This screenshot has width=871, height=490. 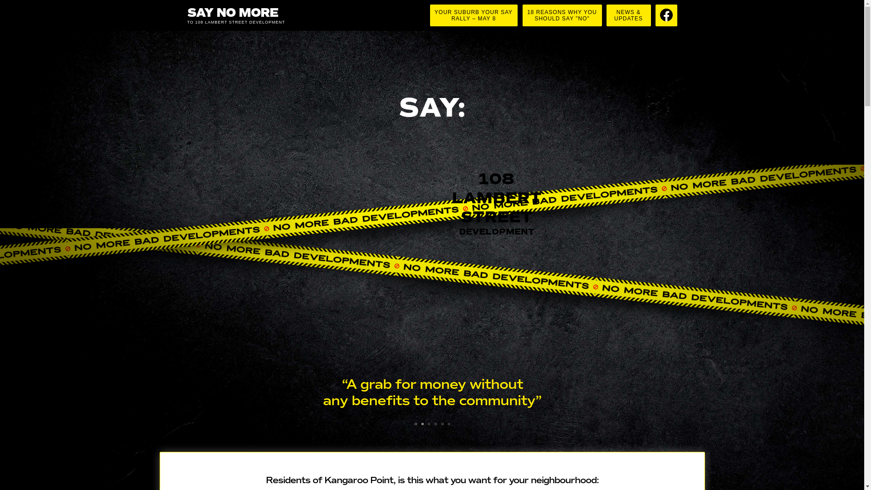 I want to click on '18 REASONS WHY YOU SHOULD SAY "NO"', so click(x=562, y=15).